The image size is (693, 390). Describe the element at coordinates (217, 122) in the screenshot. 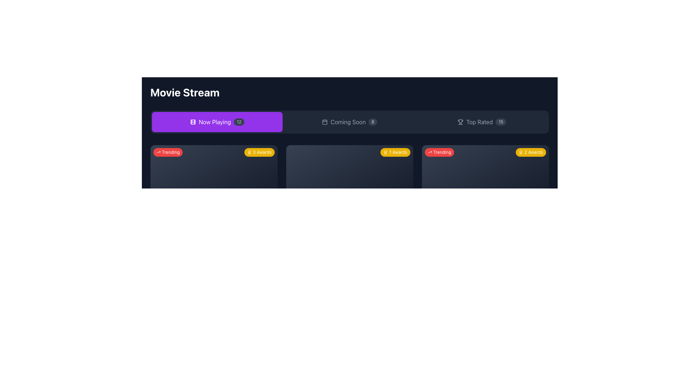

I see `the 'Now Playing' button, which has a purple background, white text, and a movie reel icon, to filter movies` at that location.